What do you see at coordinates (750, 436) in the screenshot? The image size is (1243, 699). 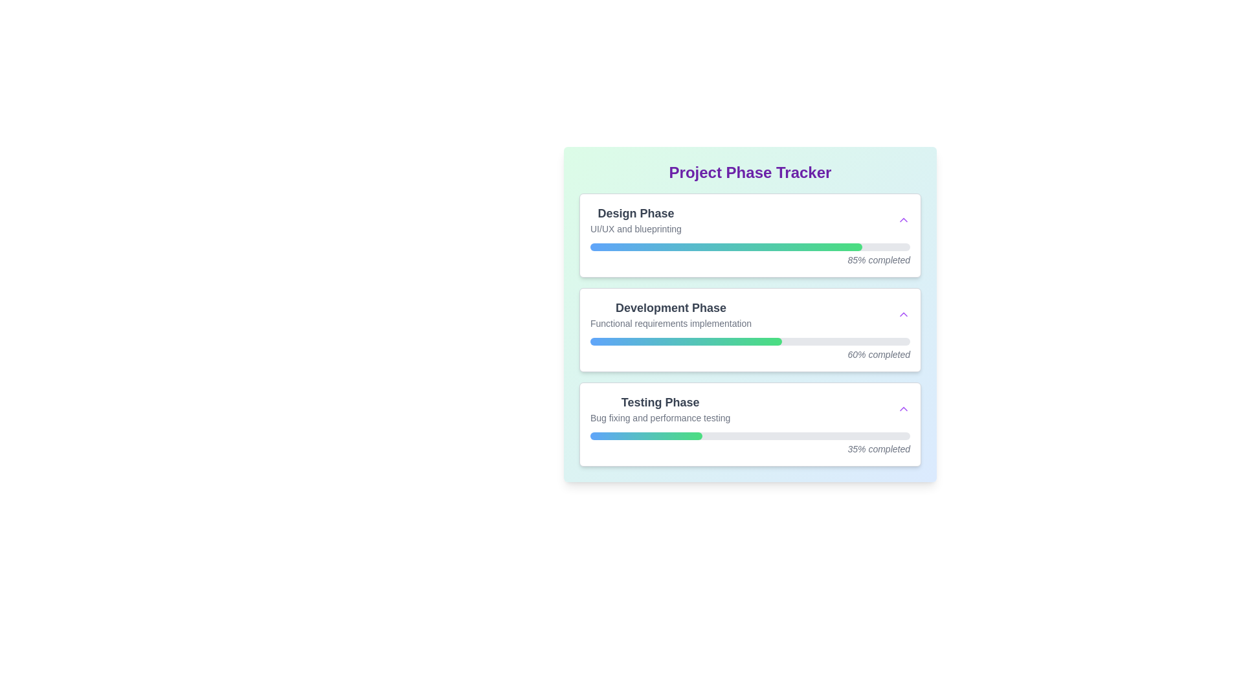 I see `the horizontal progress bar displaying 35% of the 'Testing Phase', located below the 'Testing Phase' title and above the '35% completed' text label` at bounding box center [750, 436].